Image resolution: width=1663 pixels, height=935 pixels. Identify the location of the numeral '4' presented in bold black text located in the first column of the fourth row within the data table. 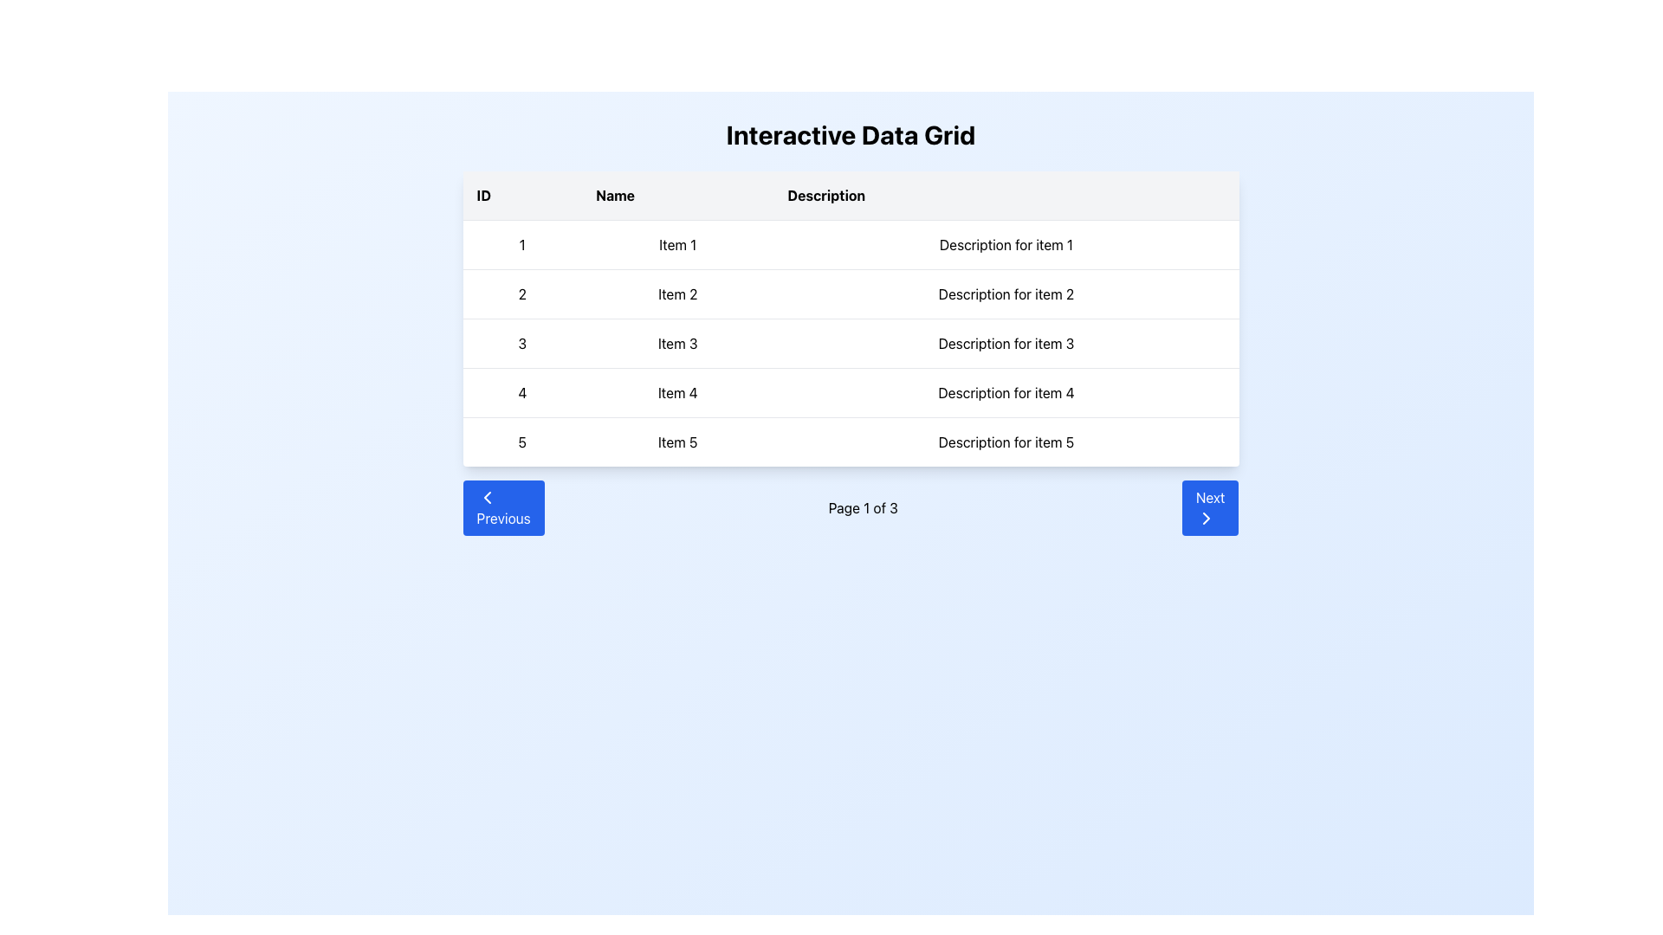
(521, 393).